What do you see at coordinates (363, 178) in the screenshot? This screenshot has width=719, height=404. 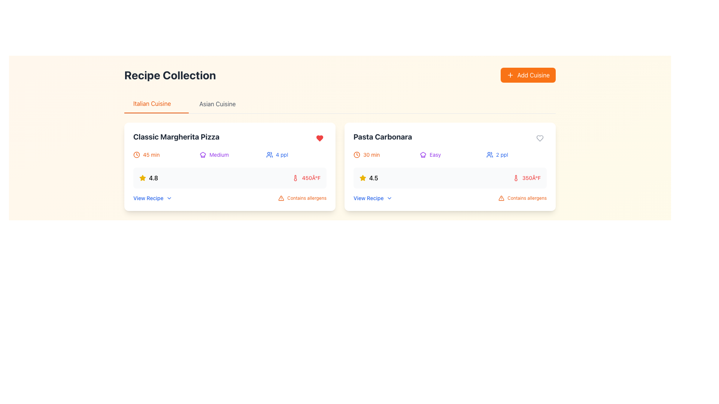 I see `the star icon representing the rating score located to the left of the text '4.5' in the lower section of the right card labeled 'Pasta Carbonara'` at bounding box center [363, 178].